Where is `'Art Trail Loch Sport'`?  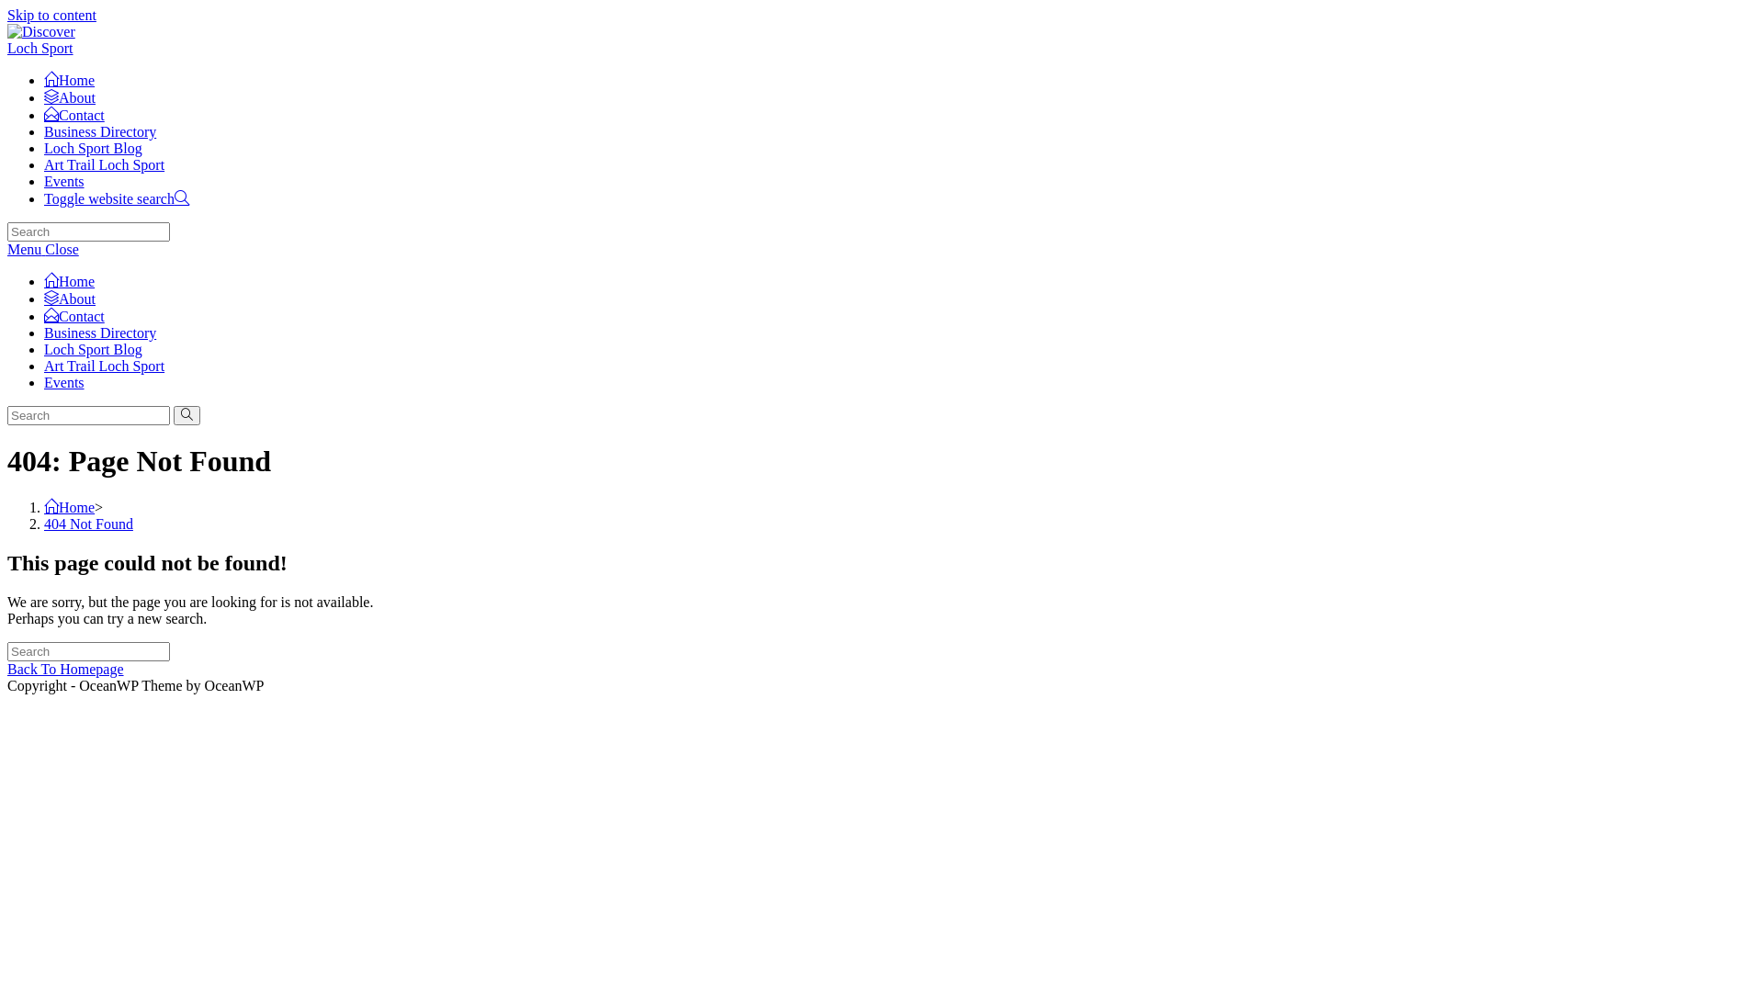 'Art Trail Loch Sport' is located at coordinates (103, 366).